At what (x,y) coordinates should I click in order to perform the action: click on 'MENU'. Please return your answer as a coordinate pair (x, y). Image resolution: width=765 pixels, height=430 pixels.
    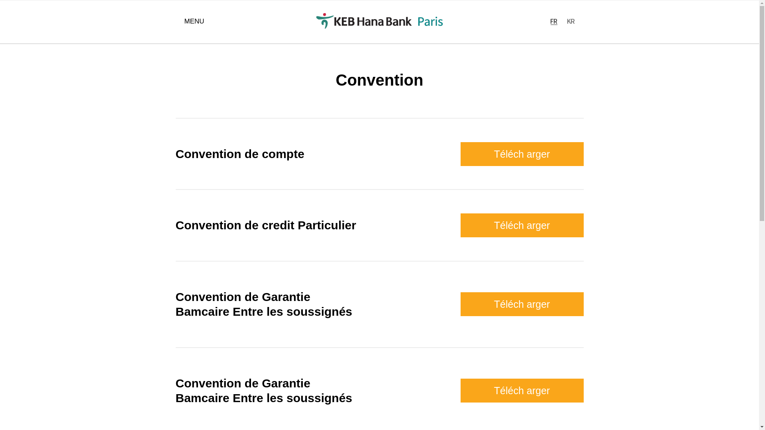
    Looking at the image, I should click on (183, 21).